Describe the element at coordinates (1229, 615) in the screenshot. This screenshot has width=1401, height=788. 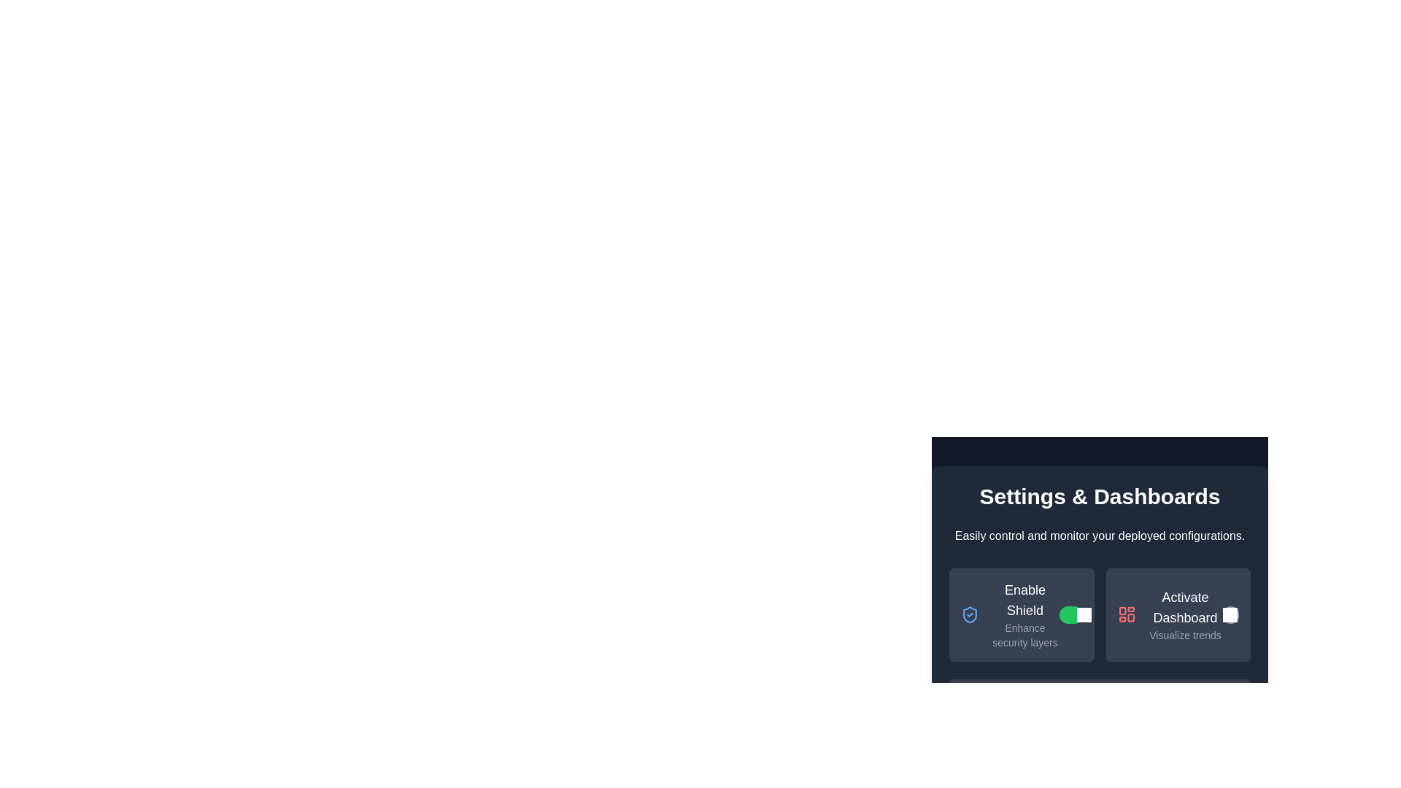
I see `the circular toggle button located to the left of the 'Enable Shield' text for visual feedback` at that location.